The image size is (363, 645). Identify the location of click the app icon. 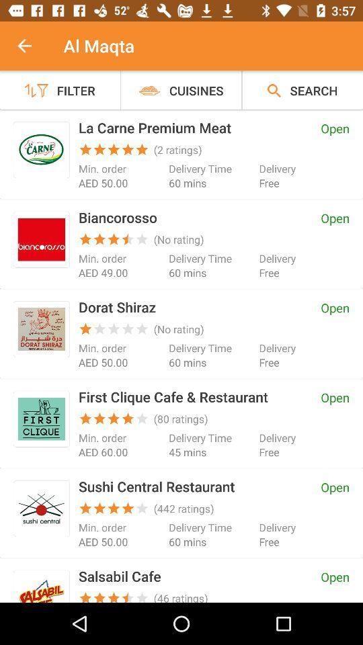
(41, 150).